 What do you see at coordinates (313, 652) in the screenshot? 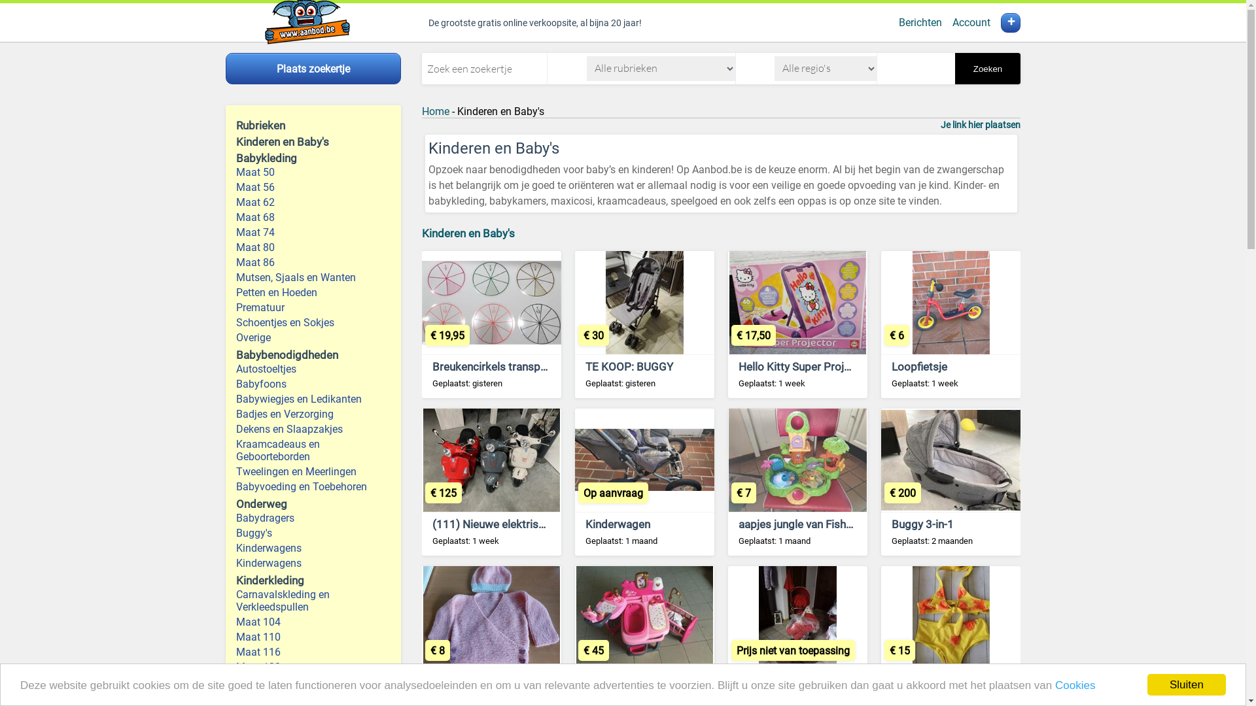
I see `'Maat 116'` at bounding box center [313, 652].